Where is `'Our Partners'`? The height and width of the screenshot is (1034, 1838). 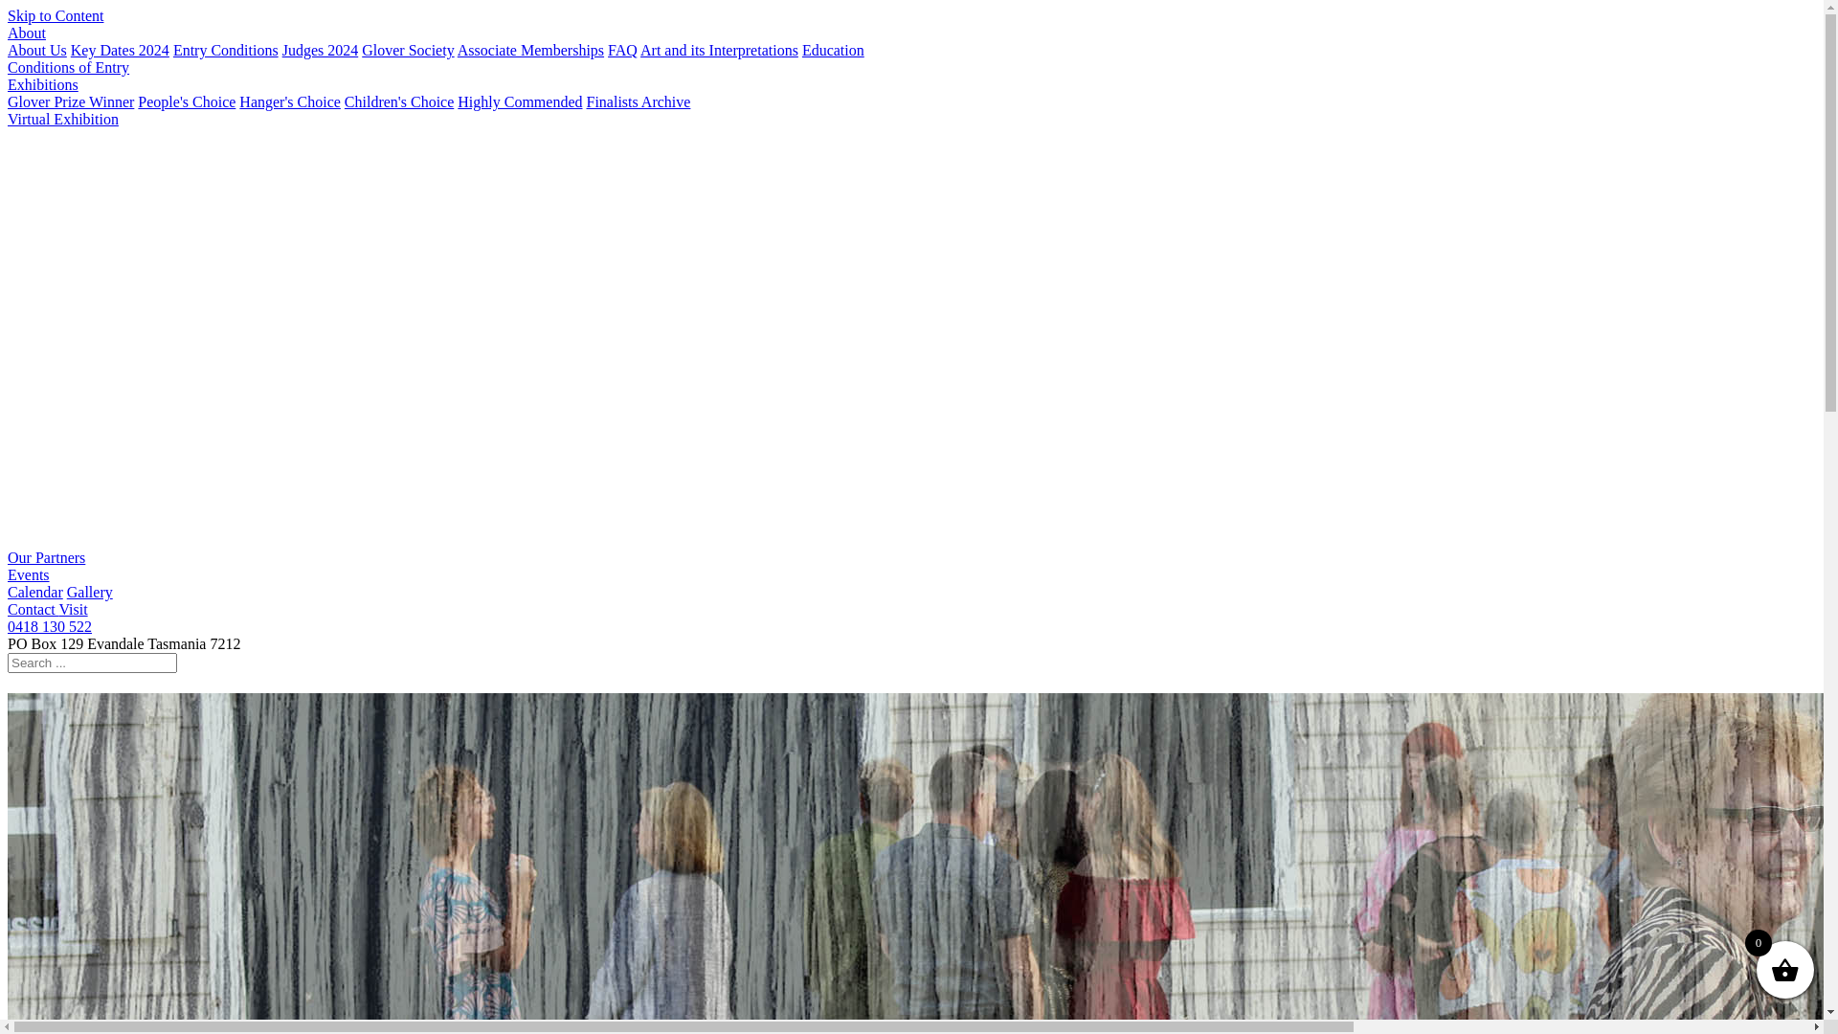
'Our Partners' is located at coordinates (46, 557).